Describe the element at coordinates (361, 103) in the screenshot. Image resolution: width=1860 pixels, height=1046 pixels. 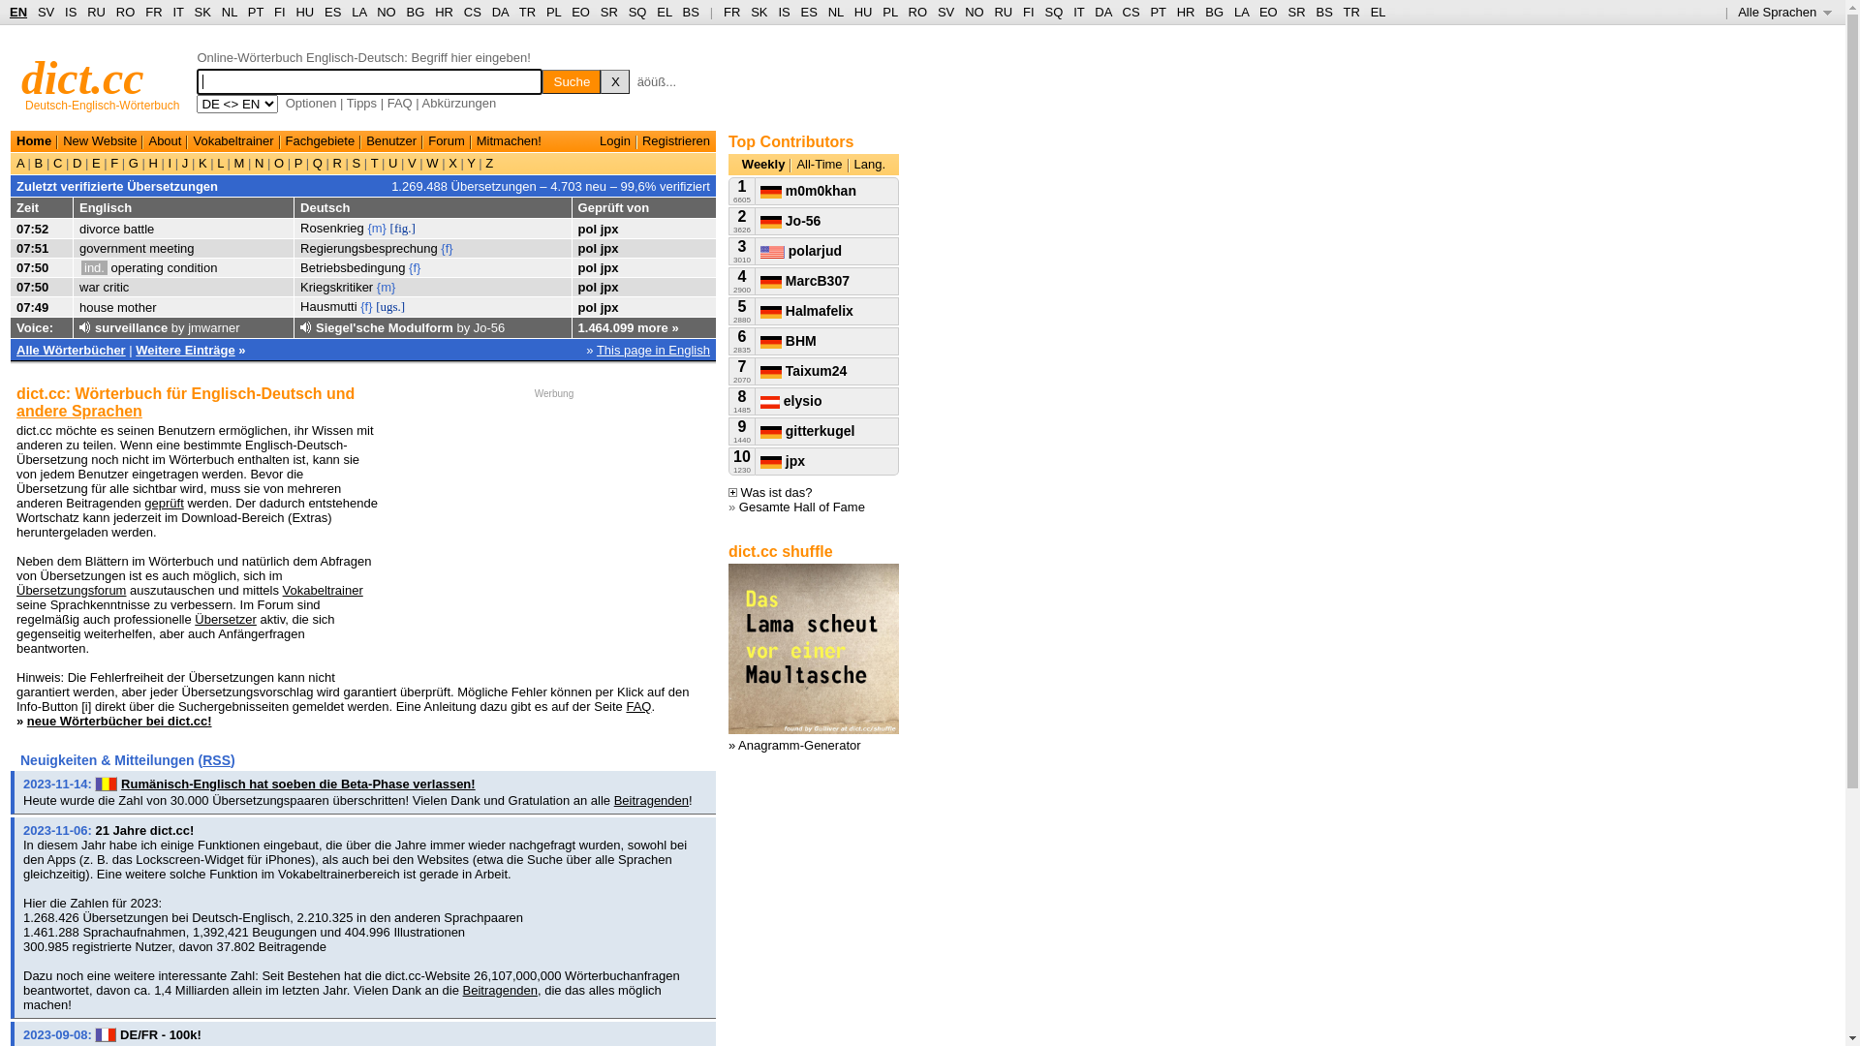
I see `'Tipps'` at that location.